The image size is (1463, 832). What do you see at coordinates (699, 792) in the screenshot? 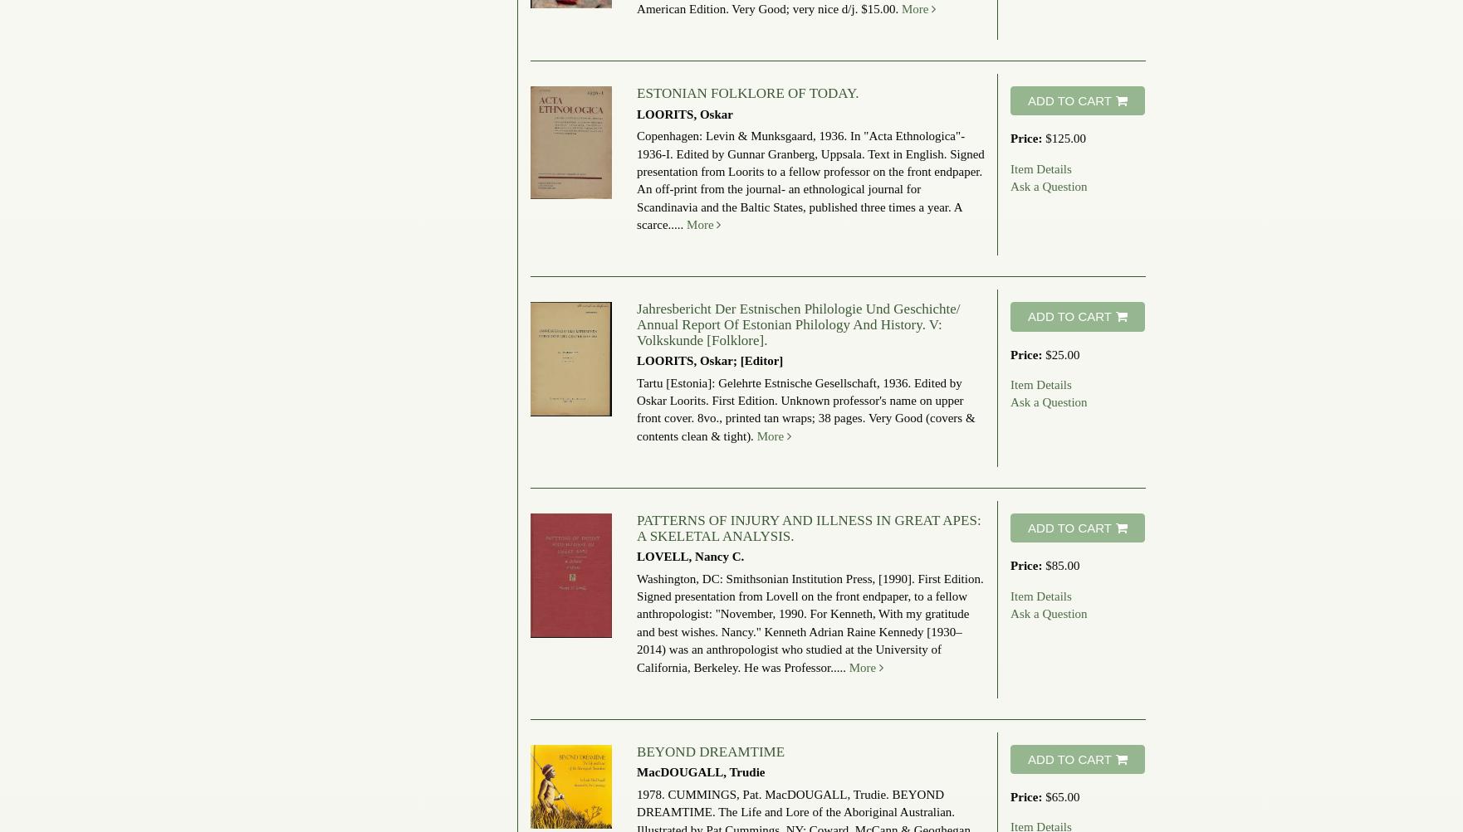
I see `'1978. CUMMINGS, Pat.'` at bounding box center [699, 792].